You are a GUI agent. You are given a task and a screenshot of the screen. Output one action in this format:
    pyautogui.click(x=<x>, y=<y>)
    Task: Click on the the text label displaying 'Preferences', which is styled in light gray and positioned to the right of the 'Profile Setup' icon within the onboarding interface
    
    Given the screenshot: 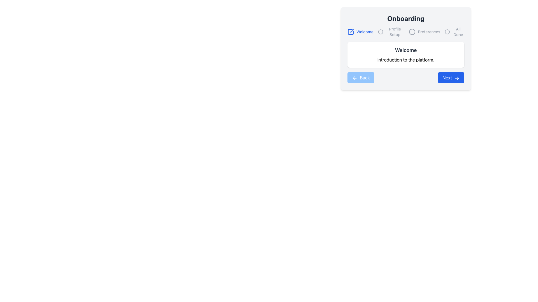 What is the action you would take?
    pyautogui.click(x=429, y=32)
    